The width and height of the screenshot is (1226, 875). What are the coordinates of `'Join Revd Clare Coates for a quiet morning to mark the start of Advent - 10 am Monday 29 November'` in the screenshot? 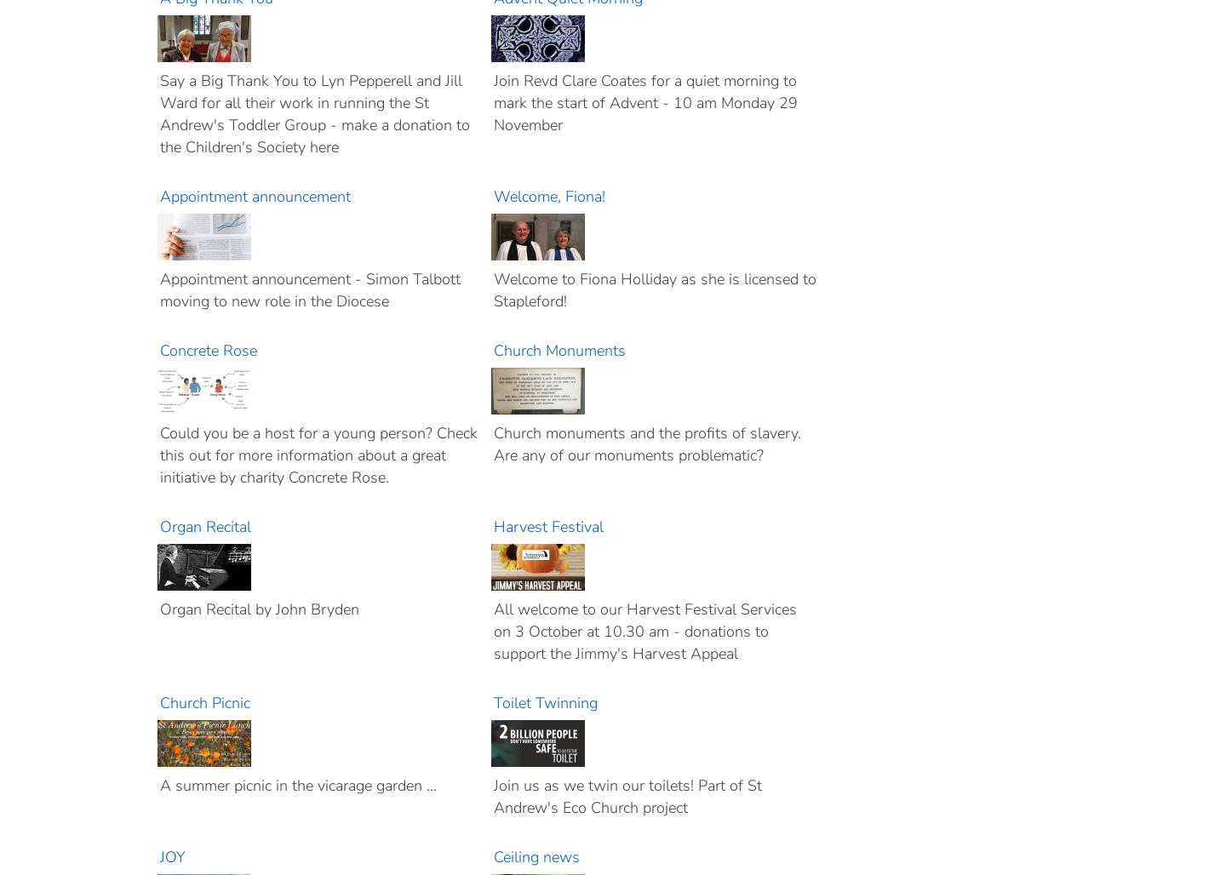 It's located at (493, 101).